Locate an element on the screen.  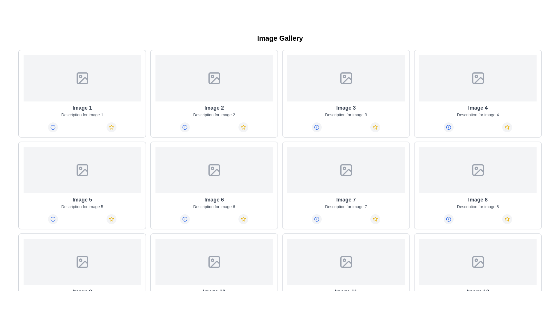
text label located in the fourth card from the left in the top row, positioned below the image placeholder and above the description text is located at coordinates (478, 108).